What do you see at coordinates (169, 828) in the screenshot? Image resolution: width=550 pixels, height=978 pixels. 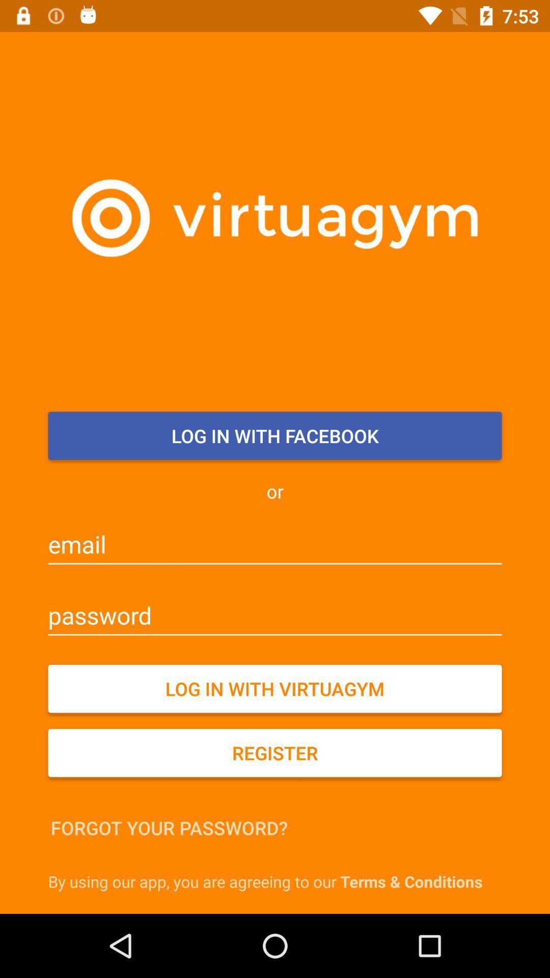 I see `forgot your password? icon` at bounding box center [169, 828].